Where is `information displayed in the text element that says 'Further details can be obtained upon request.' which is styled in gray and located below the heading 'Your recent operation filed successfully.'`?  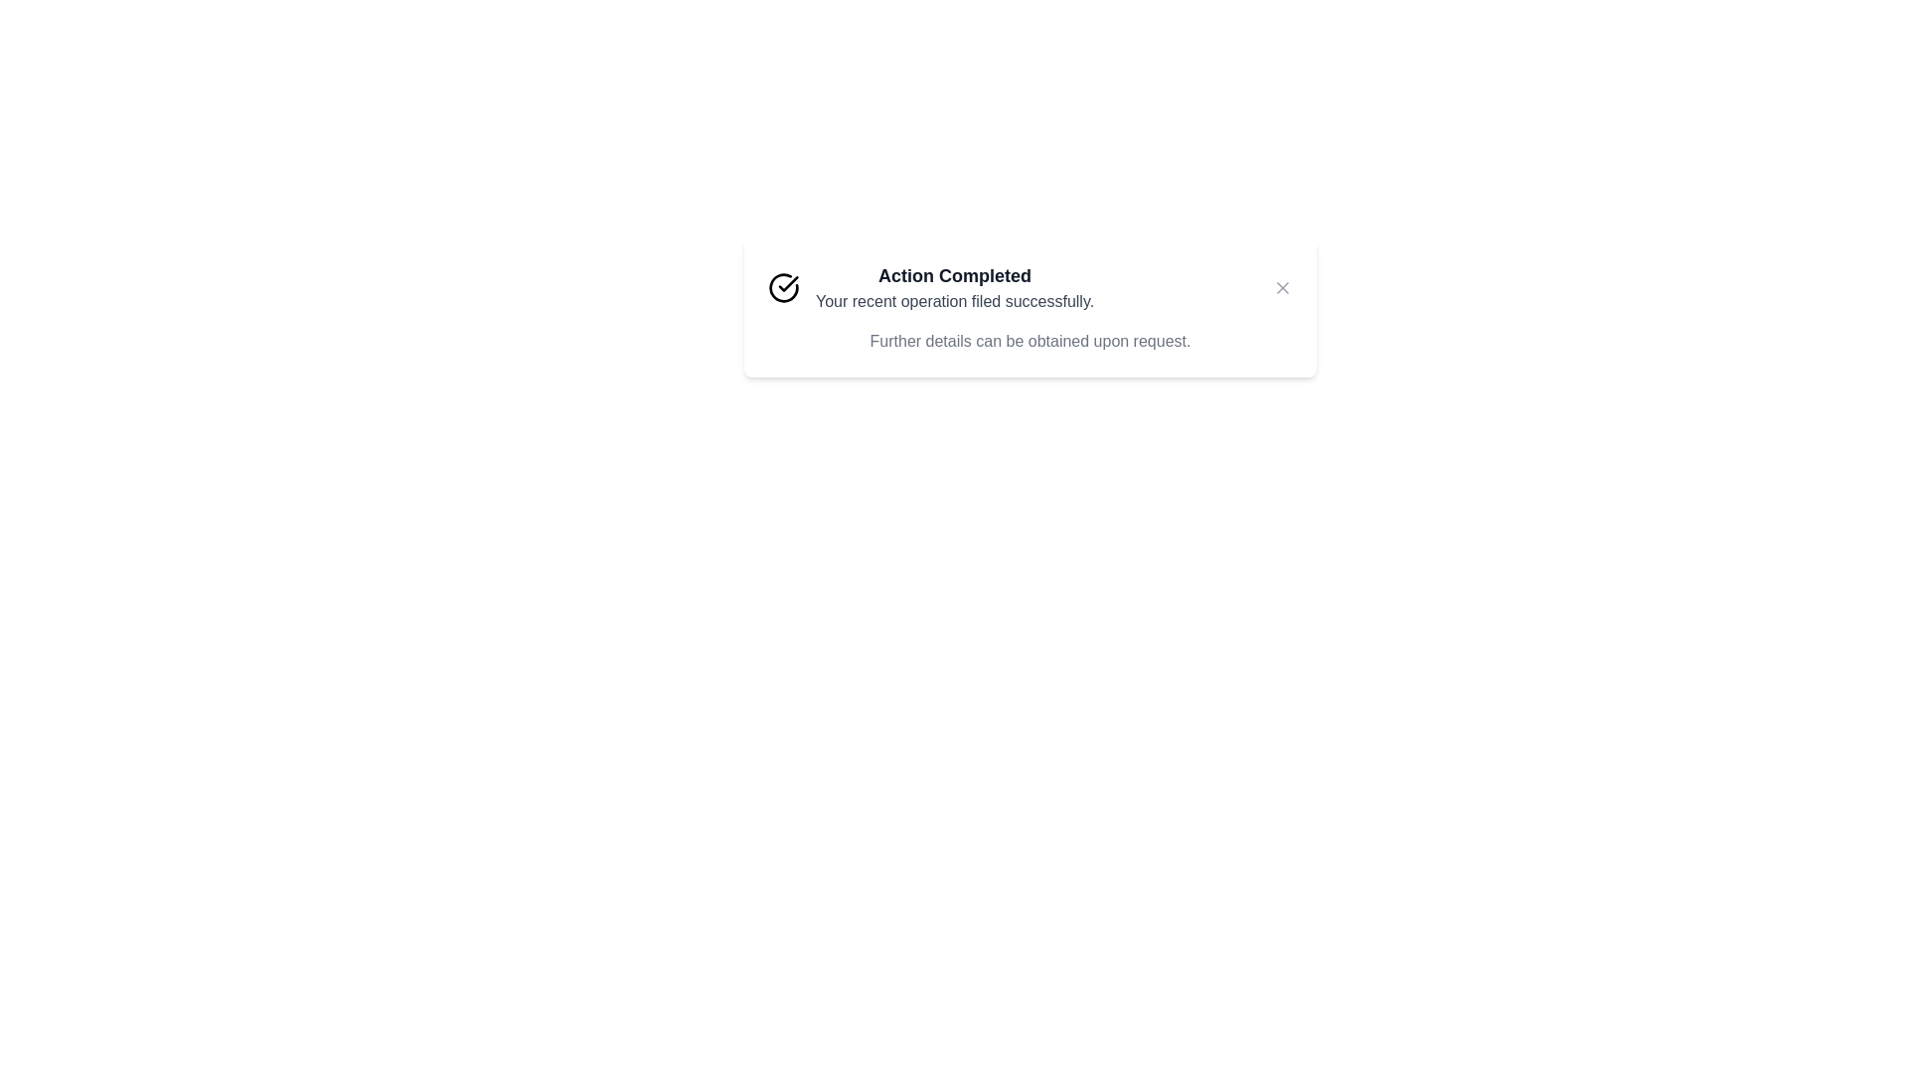
information displayed in the text element that says 'Further details can be obtained upon request.' which is styled in gray and located below the heading 'Your recent operation filed successfully.' is located at coordinates (1030, 340).